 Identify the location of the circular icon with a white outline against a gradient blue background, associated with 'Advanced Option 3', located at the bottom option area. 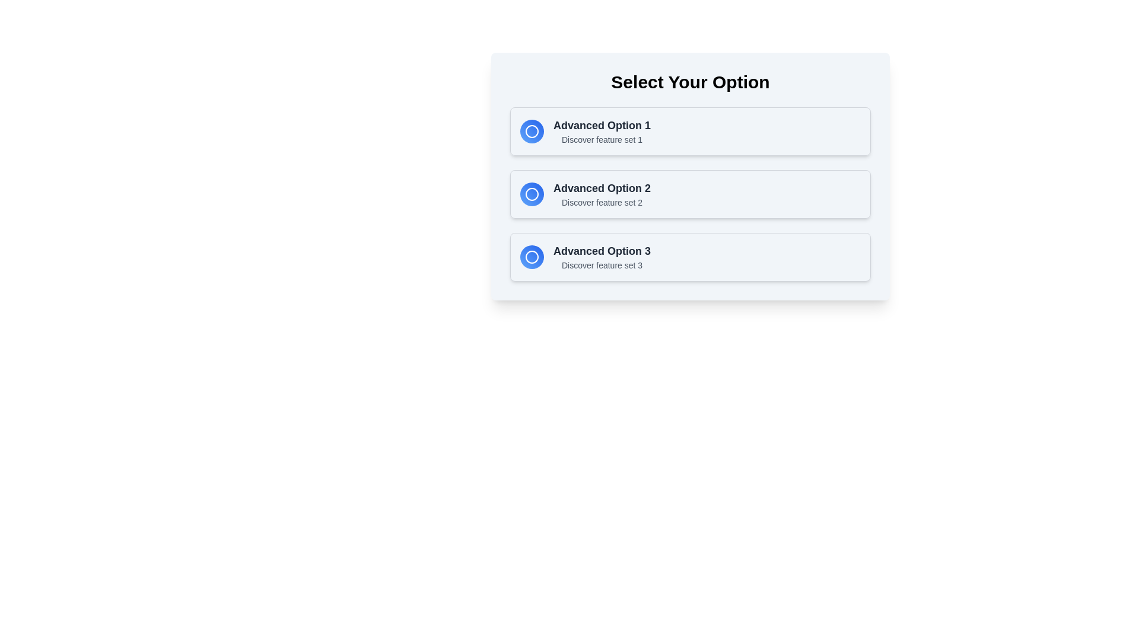
(532, 257).